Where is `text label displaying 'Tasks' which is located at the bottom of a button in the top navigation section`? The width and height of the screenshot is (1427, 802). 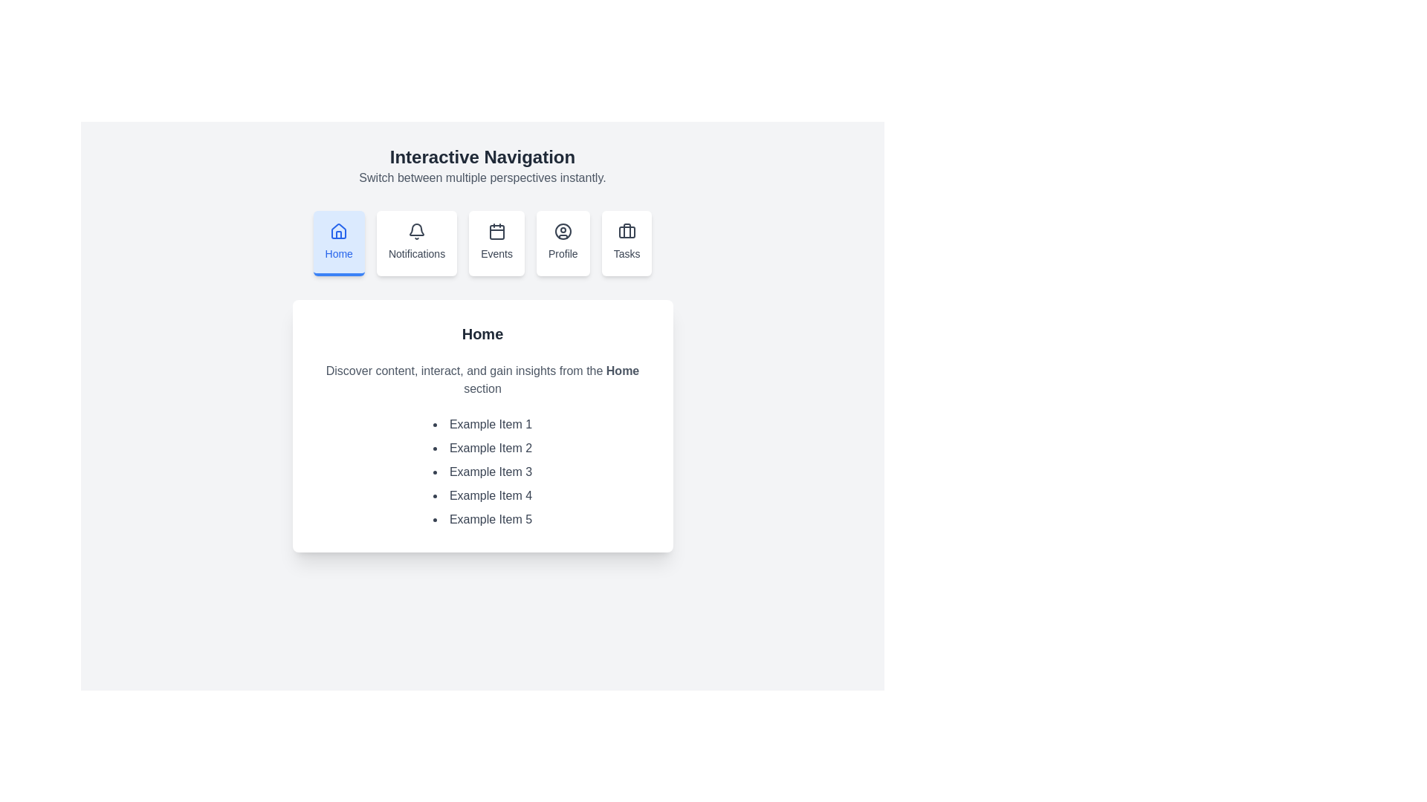 text label displaying 'Tasks' which is located at the bottom of a button in the top navigation section is located at coordinates (627, 253).